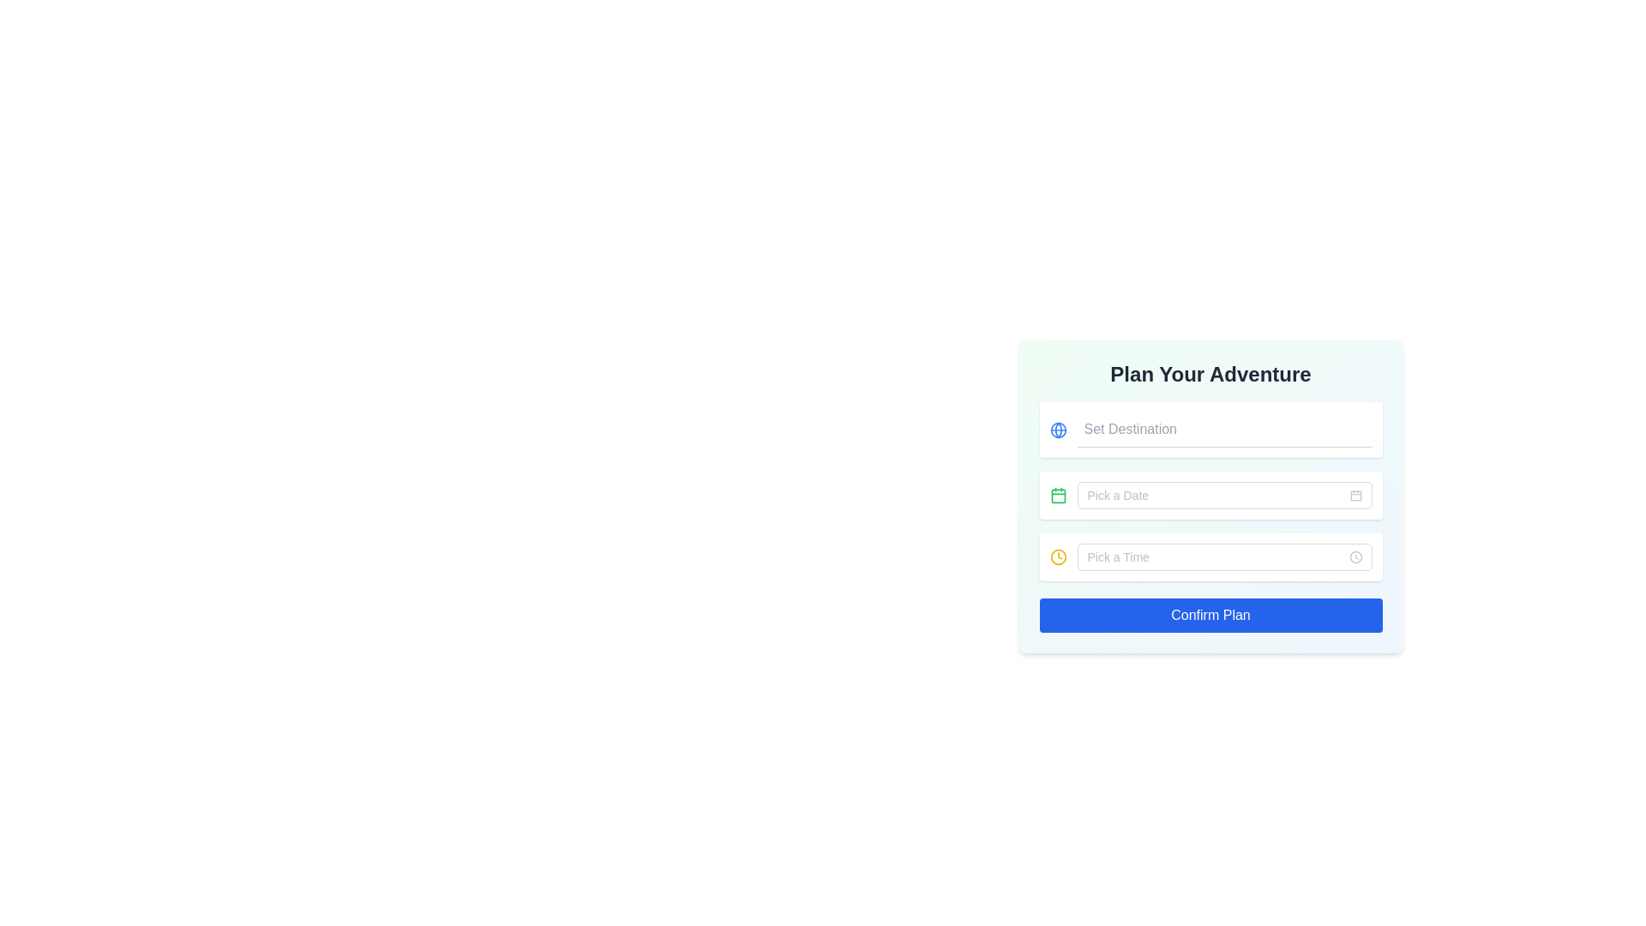  What do you see at coordinates (1210, 496) in the screenshot?
I see `the second input field in the vertical stack of form components` at bounding box center [1210, 496].